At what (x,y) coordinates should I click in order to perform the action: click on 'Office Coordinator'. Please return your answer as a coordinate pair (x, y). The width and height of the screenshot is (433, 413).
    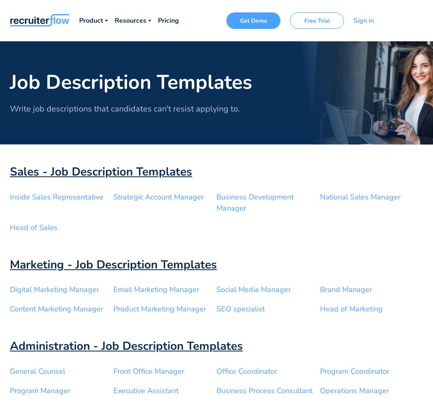
    Looking at the image, I should click on (246, 371).